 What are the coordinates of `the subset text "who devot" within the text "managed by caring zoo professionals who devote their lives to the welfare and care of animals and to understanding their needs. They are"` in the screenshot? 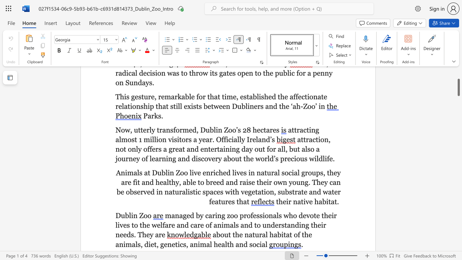 It's located at (283, 215).